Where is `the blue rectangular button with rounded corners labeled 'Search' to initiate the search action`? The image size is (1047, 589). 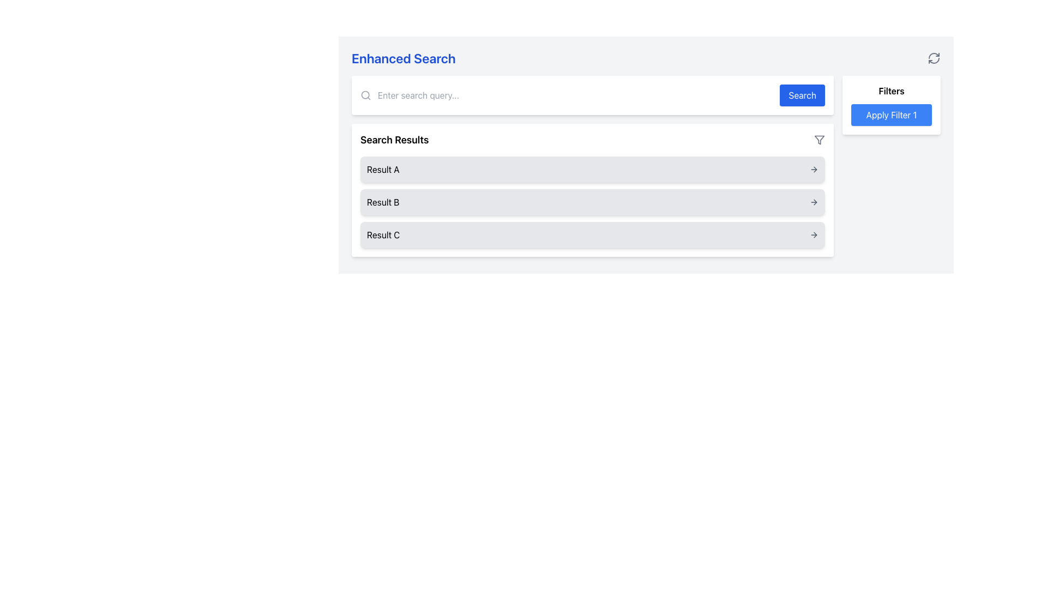
the blue rectangular button with rounded corners labeled 'Search' to initiate the search action is located at coordinates (802, 94).